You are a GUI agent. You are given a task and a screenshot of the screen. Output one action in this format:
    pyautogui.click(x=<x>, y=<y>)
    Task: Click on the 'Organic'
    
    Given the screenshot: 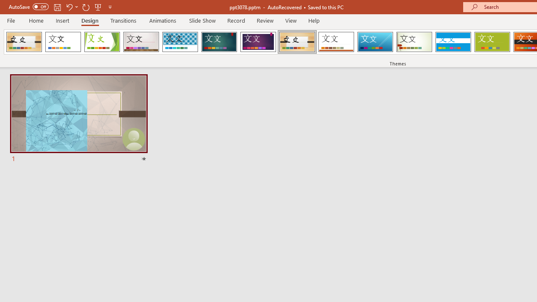 What is the action you would take?
    pyautogui.click(x=297, y=42)
    